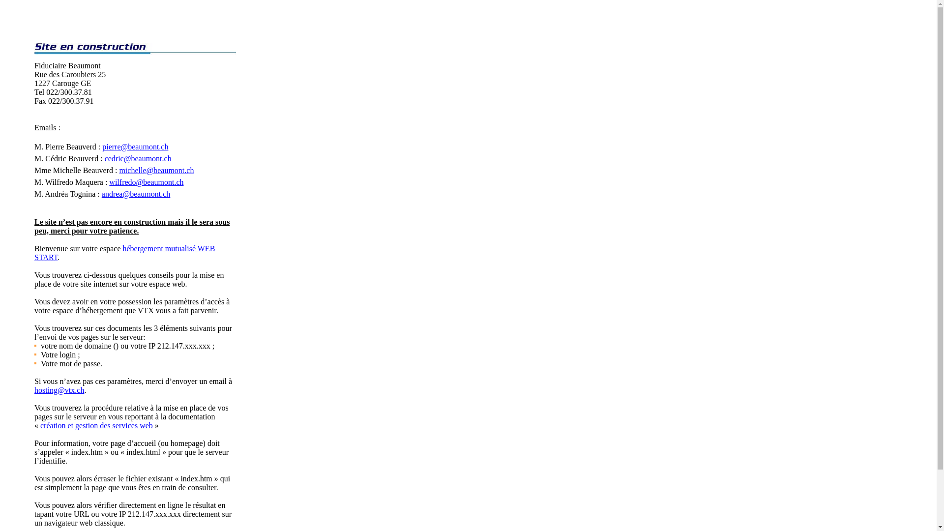  Describe the element at coordinates (34, 389) in the screenshot. I see `'hosting@vtx.ch'` at that location.